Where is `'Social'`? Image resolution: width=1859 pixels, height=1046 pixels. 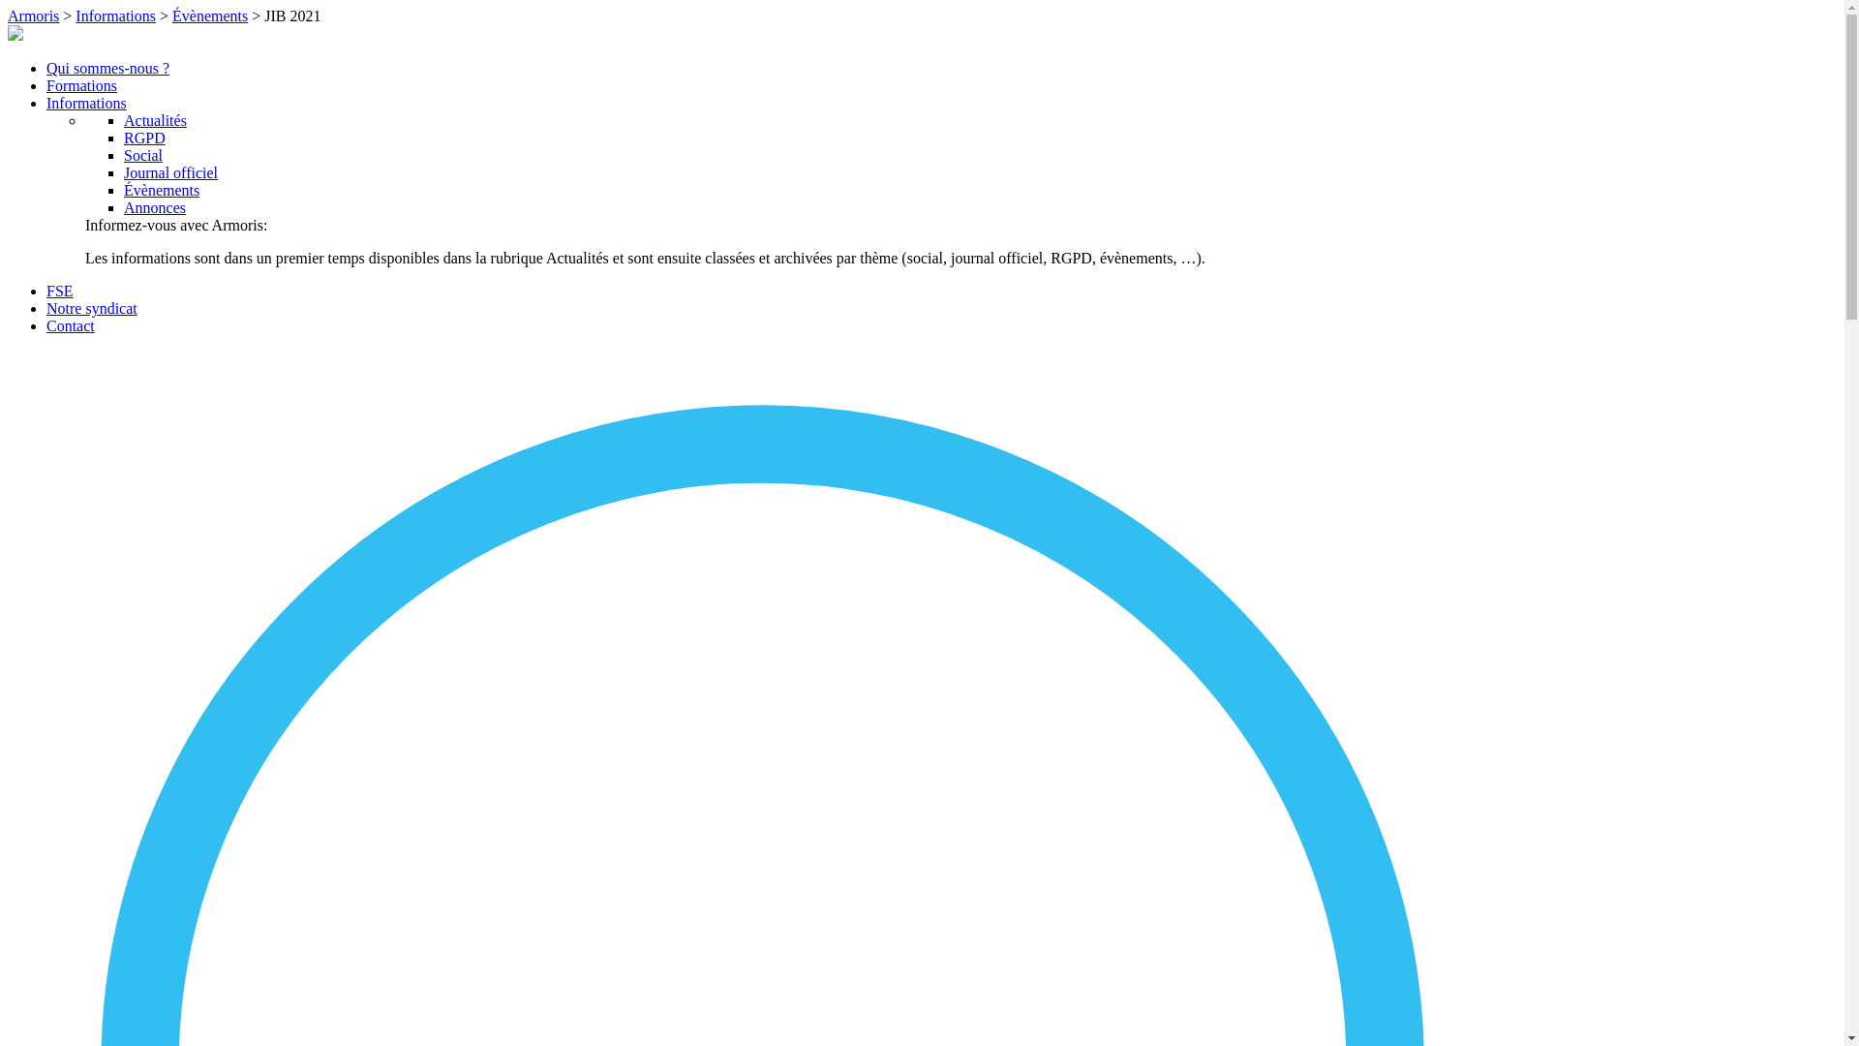
'Social' is located at coordinates (142, 154).